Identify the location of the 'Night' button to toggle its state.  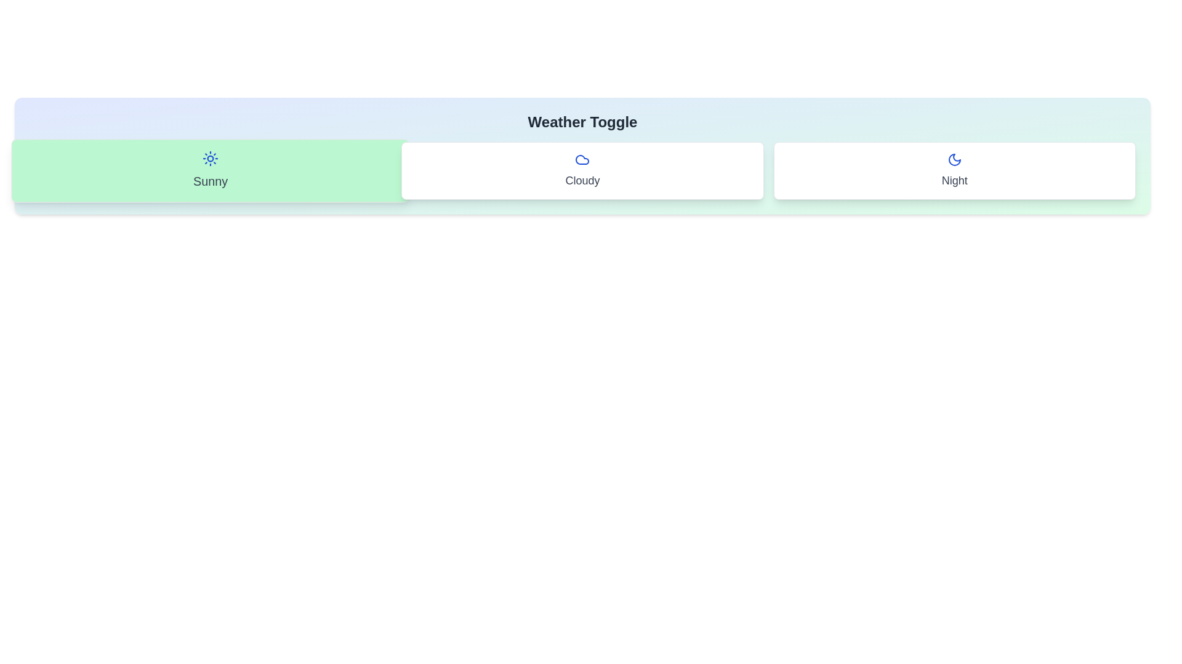
(954, 170).